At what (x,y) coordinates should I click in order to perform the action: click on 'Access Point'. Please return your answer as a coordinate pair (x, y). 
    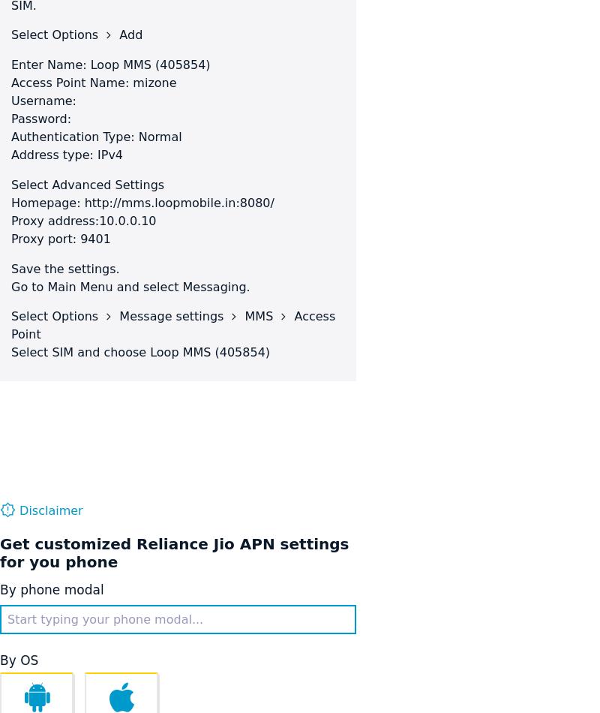
    Looking at the image, I should click on (173, 324).